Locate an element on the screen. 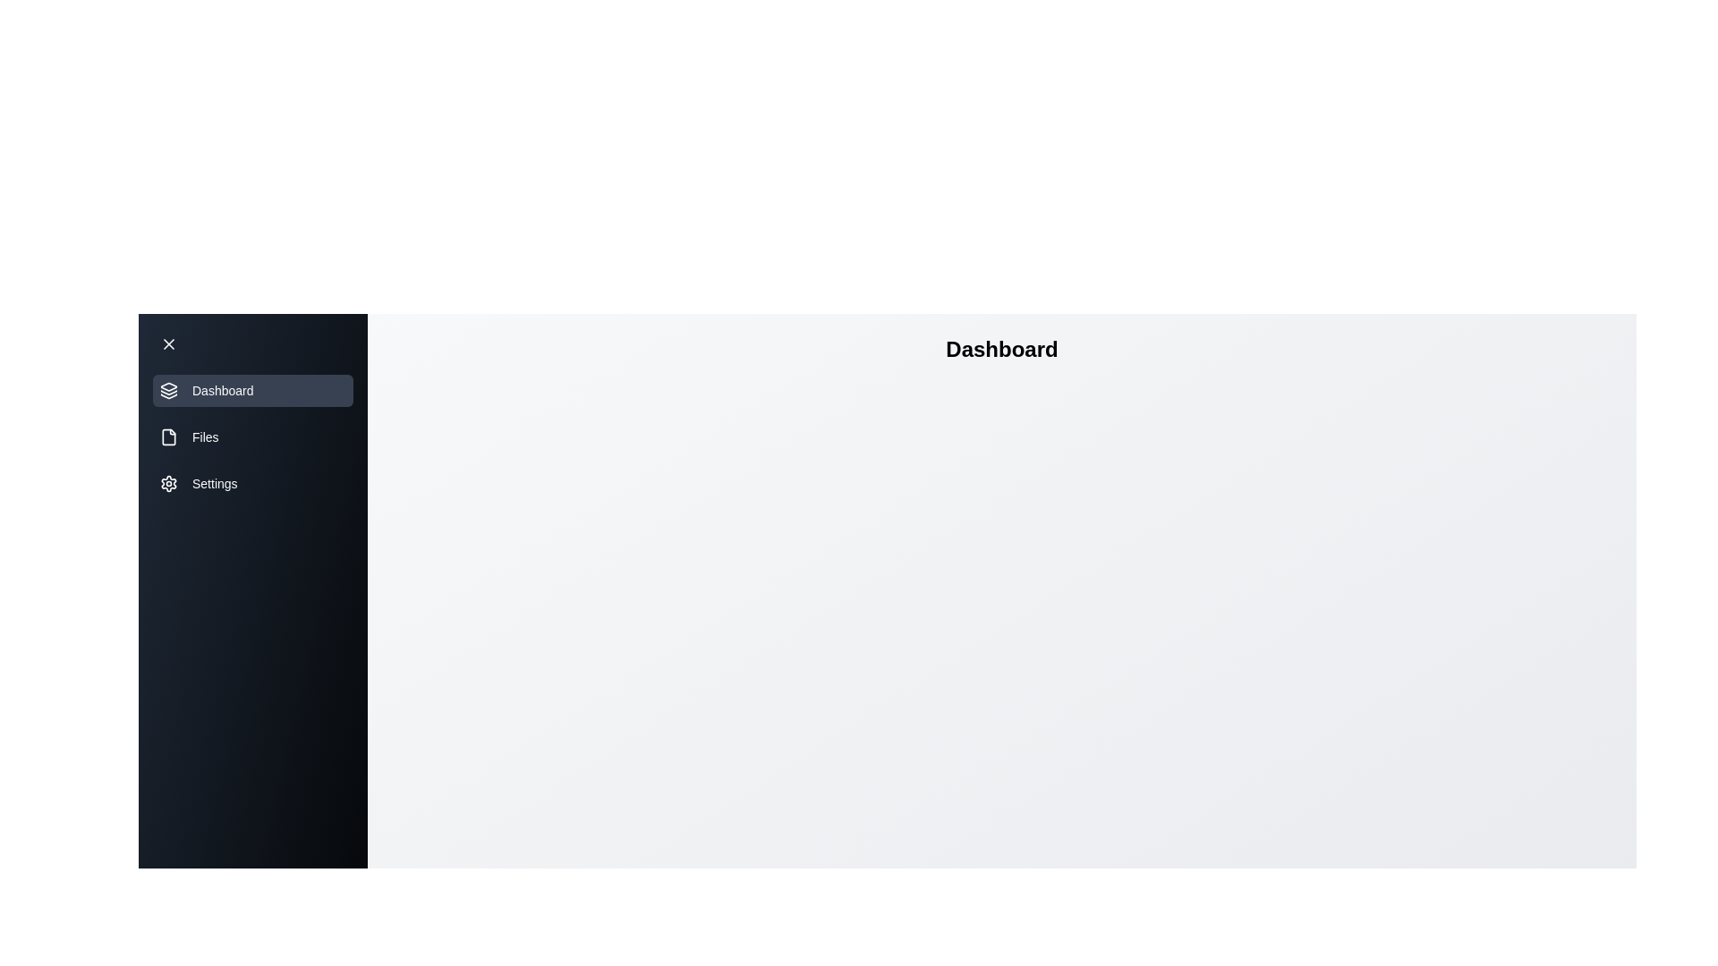  the Settings tab is located at coordinates (252, 483).